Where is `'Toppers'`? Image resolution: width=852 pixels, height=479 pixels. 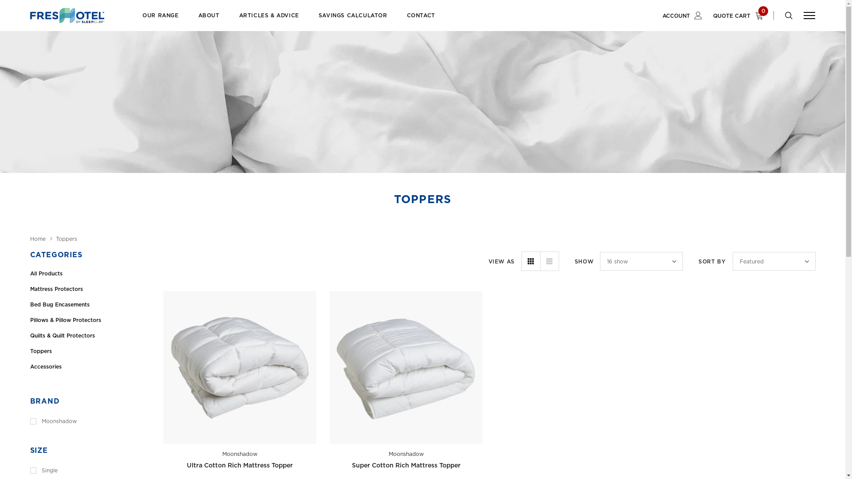 'Toppers' is located at coordinates (66, 239).